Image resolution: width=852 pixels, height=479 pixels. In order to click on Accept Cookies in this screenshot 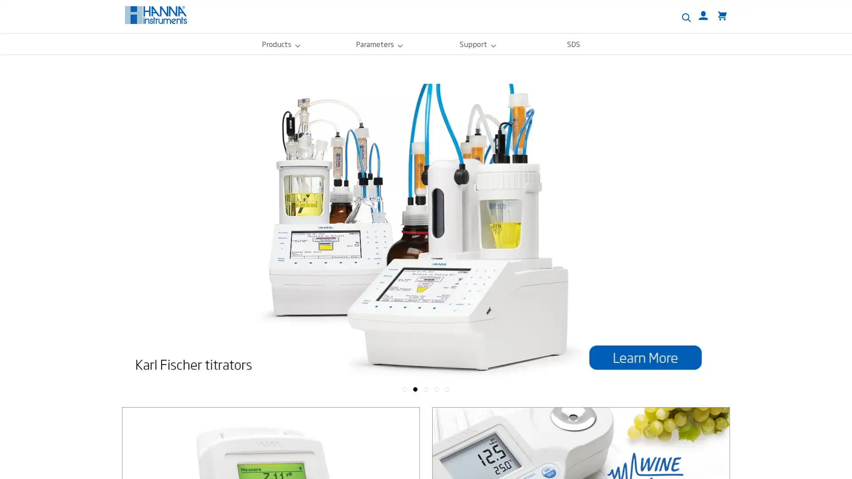, I will do `click(327, 464)`.